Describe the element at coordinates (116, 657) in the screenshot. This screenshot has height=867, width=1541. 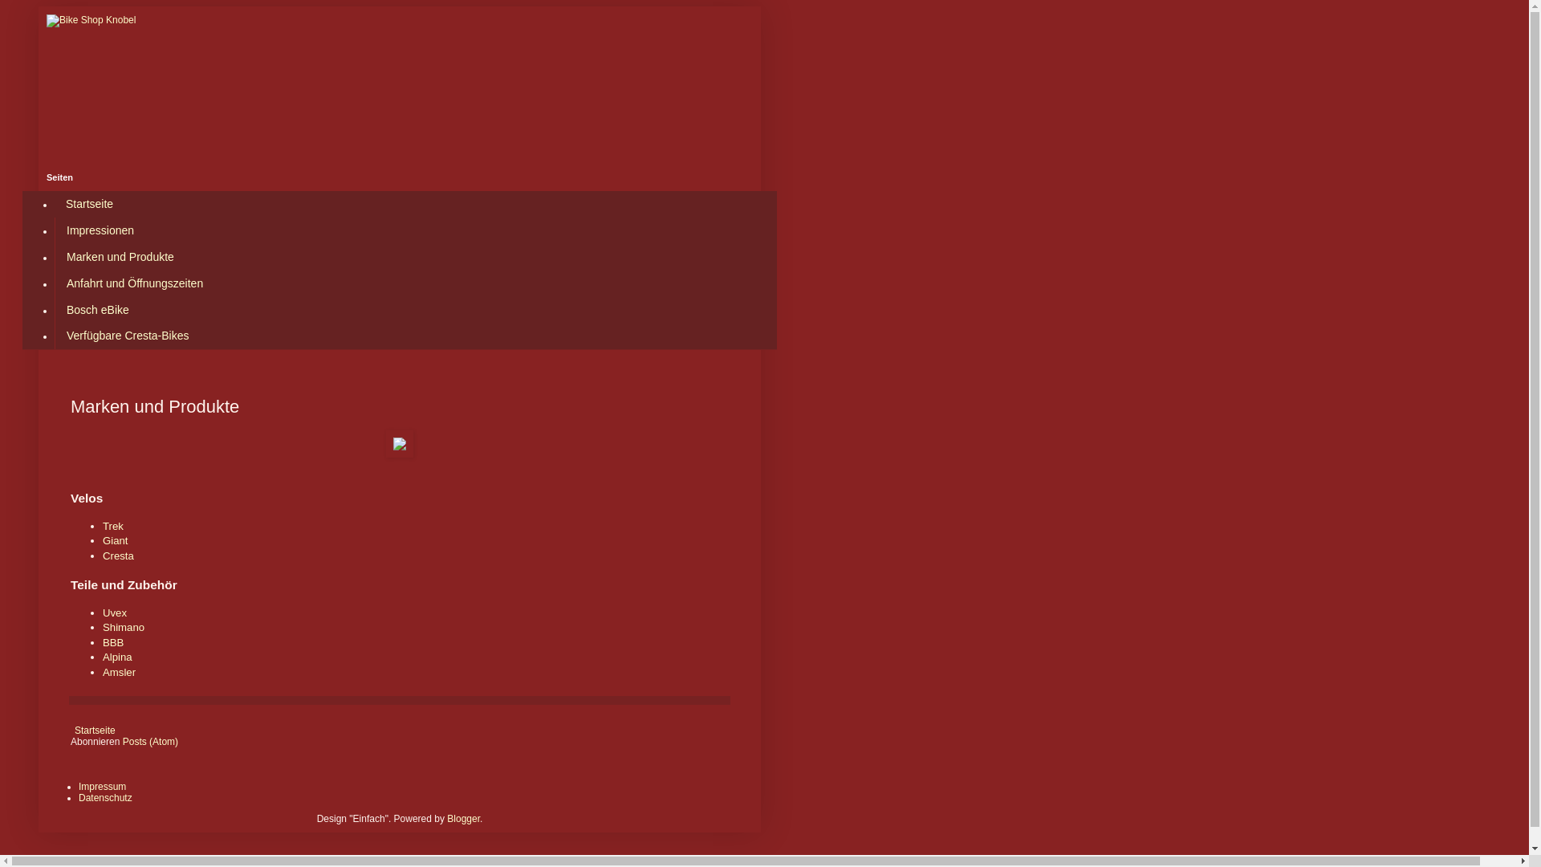
I see `'Alpina'` at that location.